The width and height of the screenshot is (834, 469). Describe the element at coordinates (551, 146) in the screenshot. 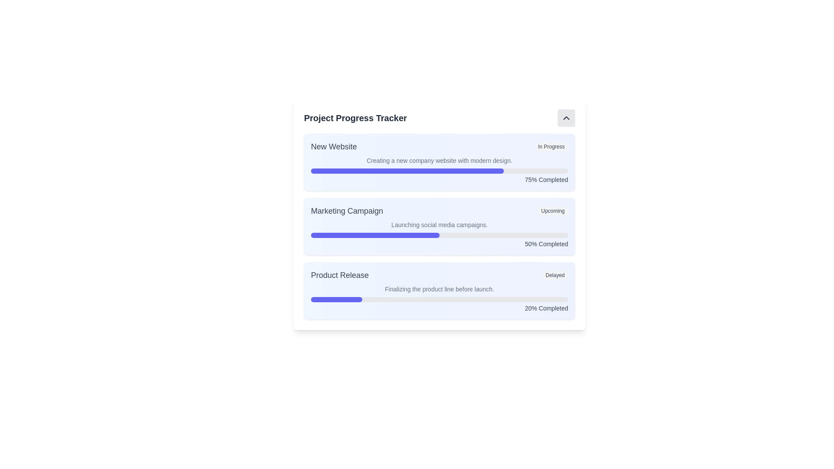

I see `the pill-shaped label with the text 'In Progress', which is located at the top-right corner inside the card next to the 'New Website' title` at that location.